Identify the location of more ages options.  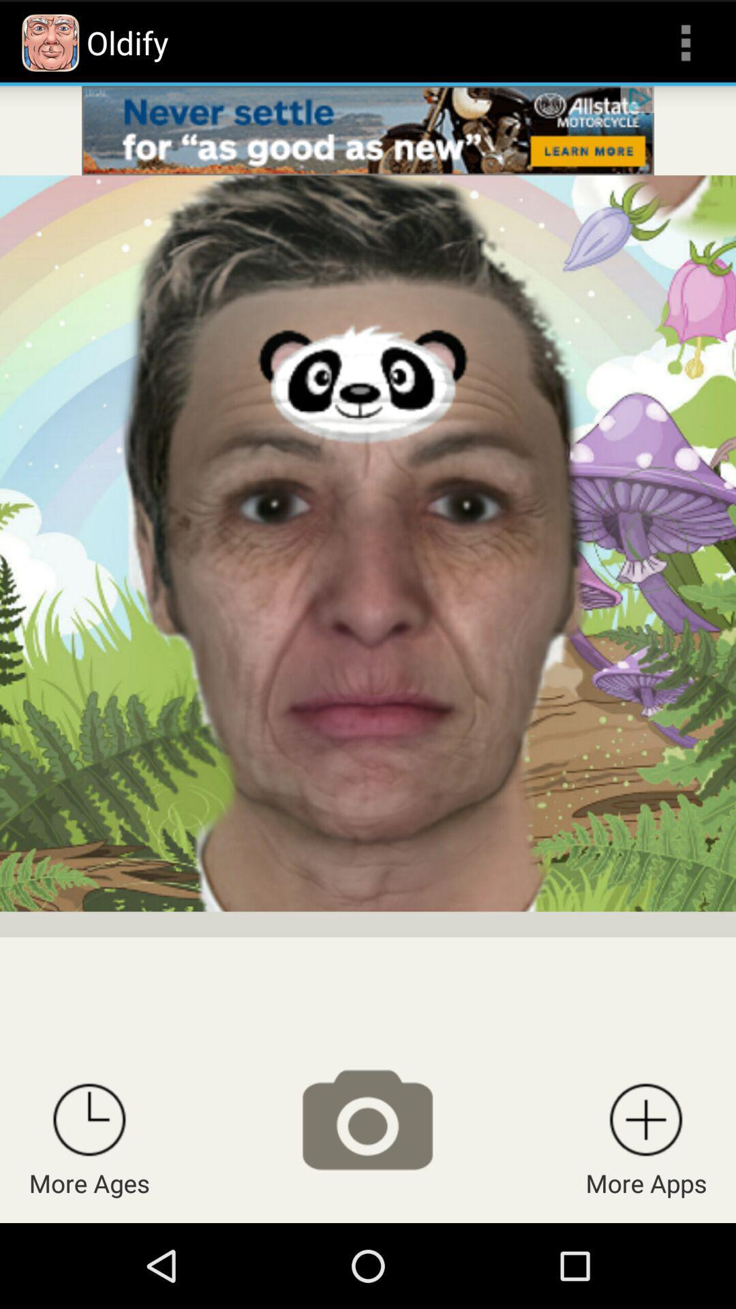
(89, 1119).